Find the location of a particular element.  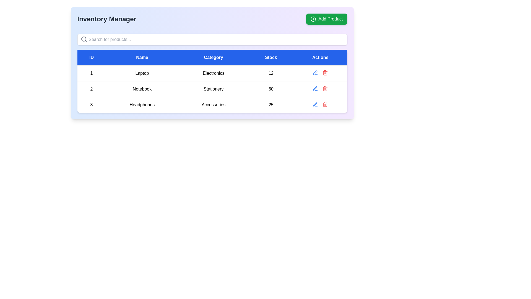

the search input box located below the 'Add Product' button and under the 'Inventory Manager' title is located at coordinates (212, 39).